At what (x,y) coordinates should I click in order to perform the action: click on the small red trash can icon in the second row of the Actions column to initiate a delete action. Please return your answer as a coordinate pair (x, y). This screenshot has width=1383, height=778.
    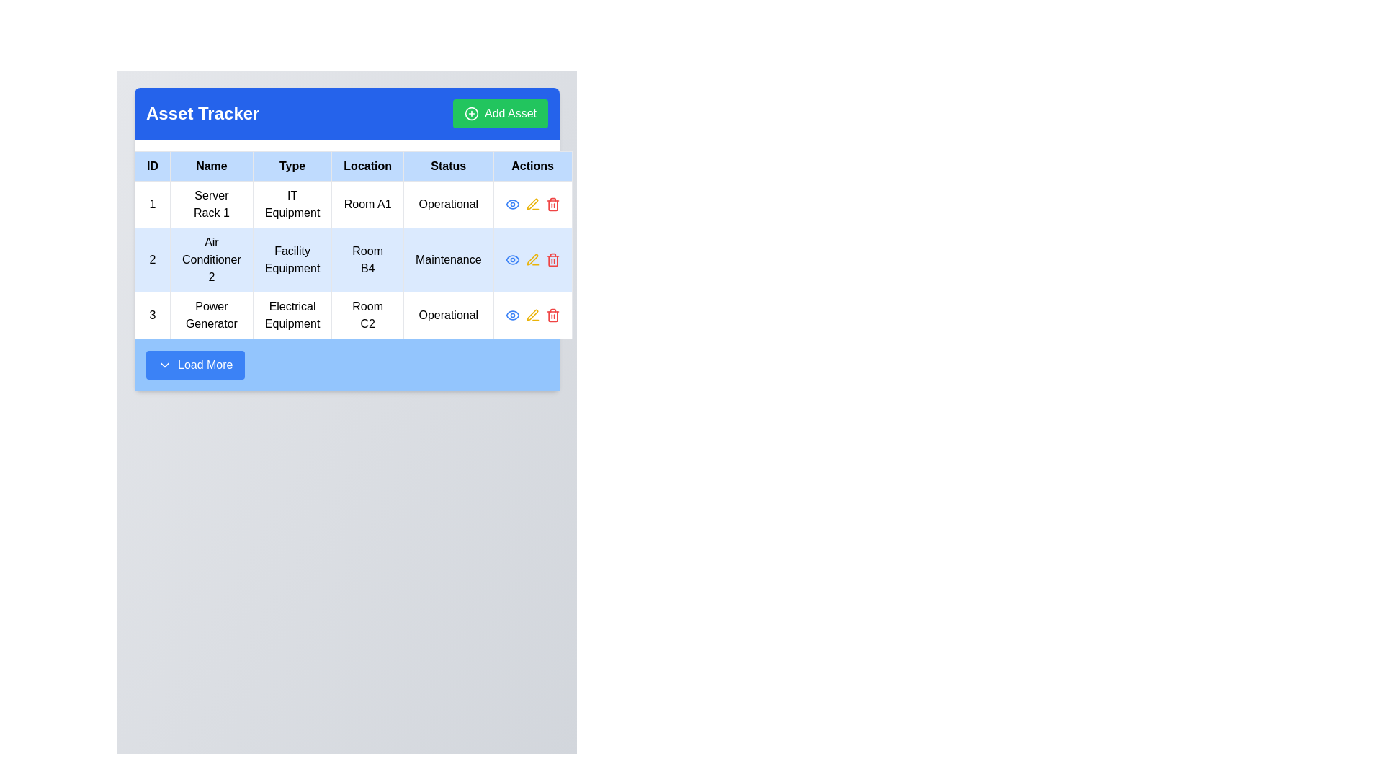
    Looking at the image, I should click on (552, 260).